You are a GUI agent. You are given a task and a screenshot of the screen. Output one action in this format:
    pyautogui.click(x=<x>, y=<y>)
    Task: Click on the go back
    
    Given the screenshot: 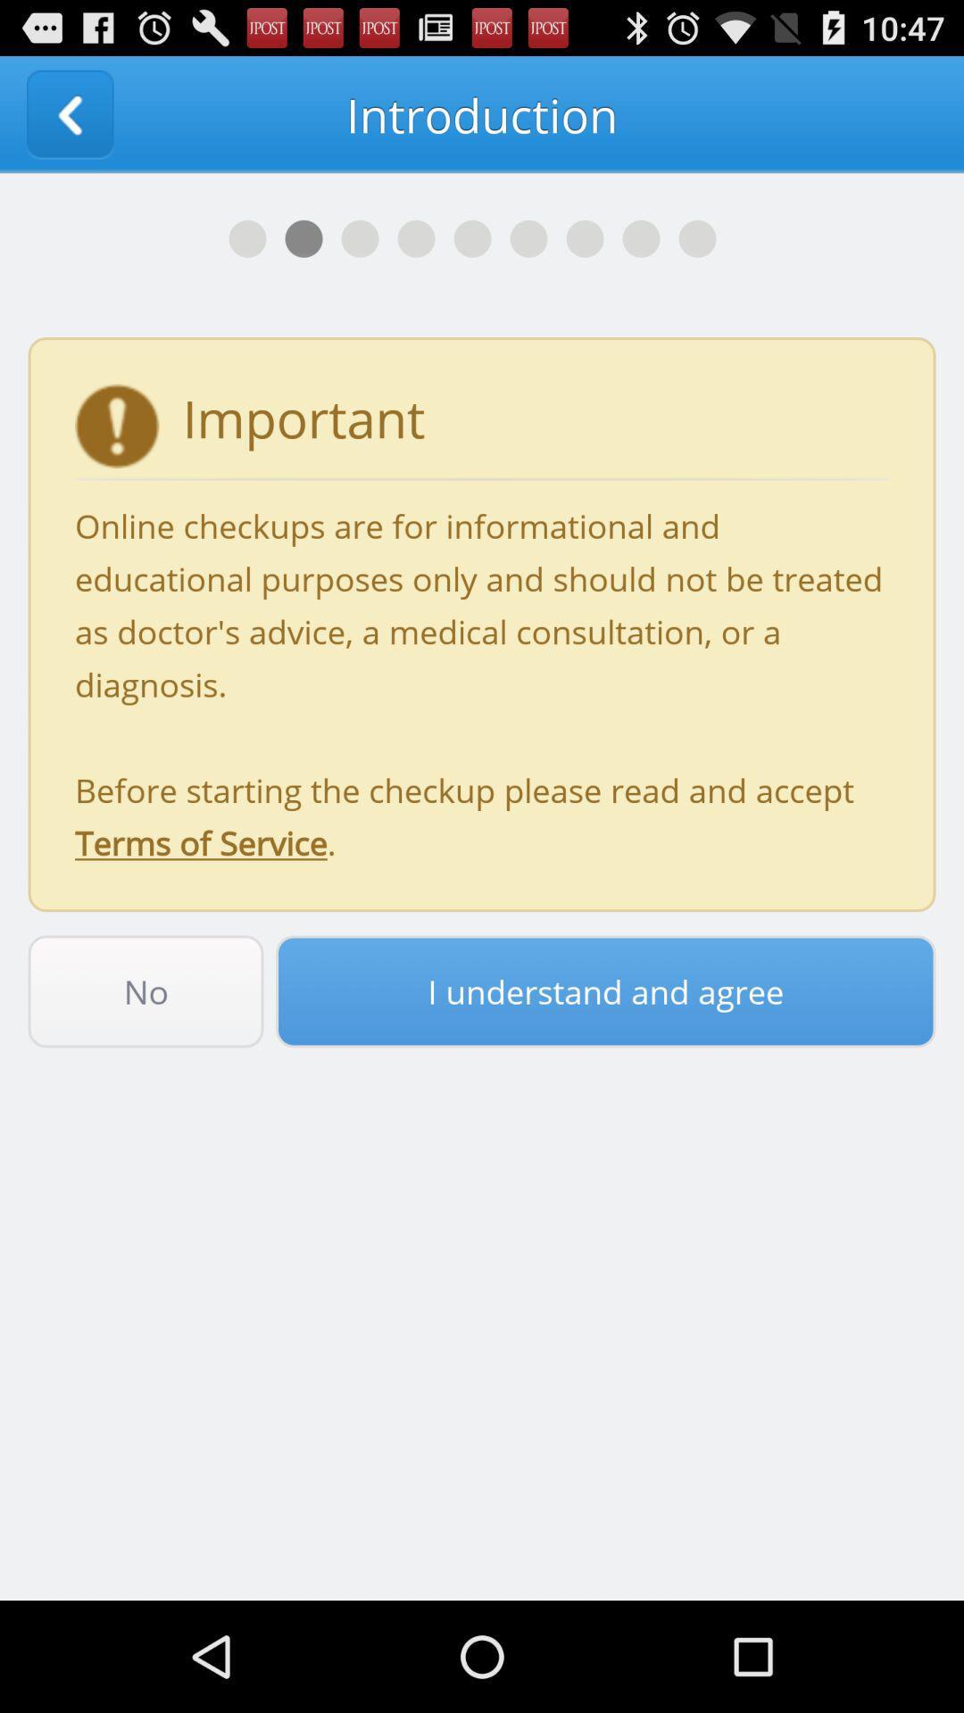 What is the action you would take?
    pyautogui.click(x=69, y=113)
    